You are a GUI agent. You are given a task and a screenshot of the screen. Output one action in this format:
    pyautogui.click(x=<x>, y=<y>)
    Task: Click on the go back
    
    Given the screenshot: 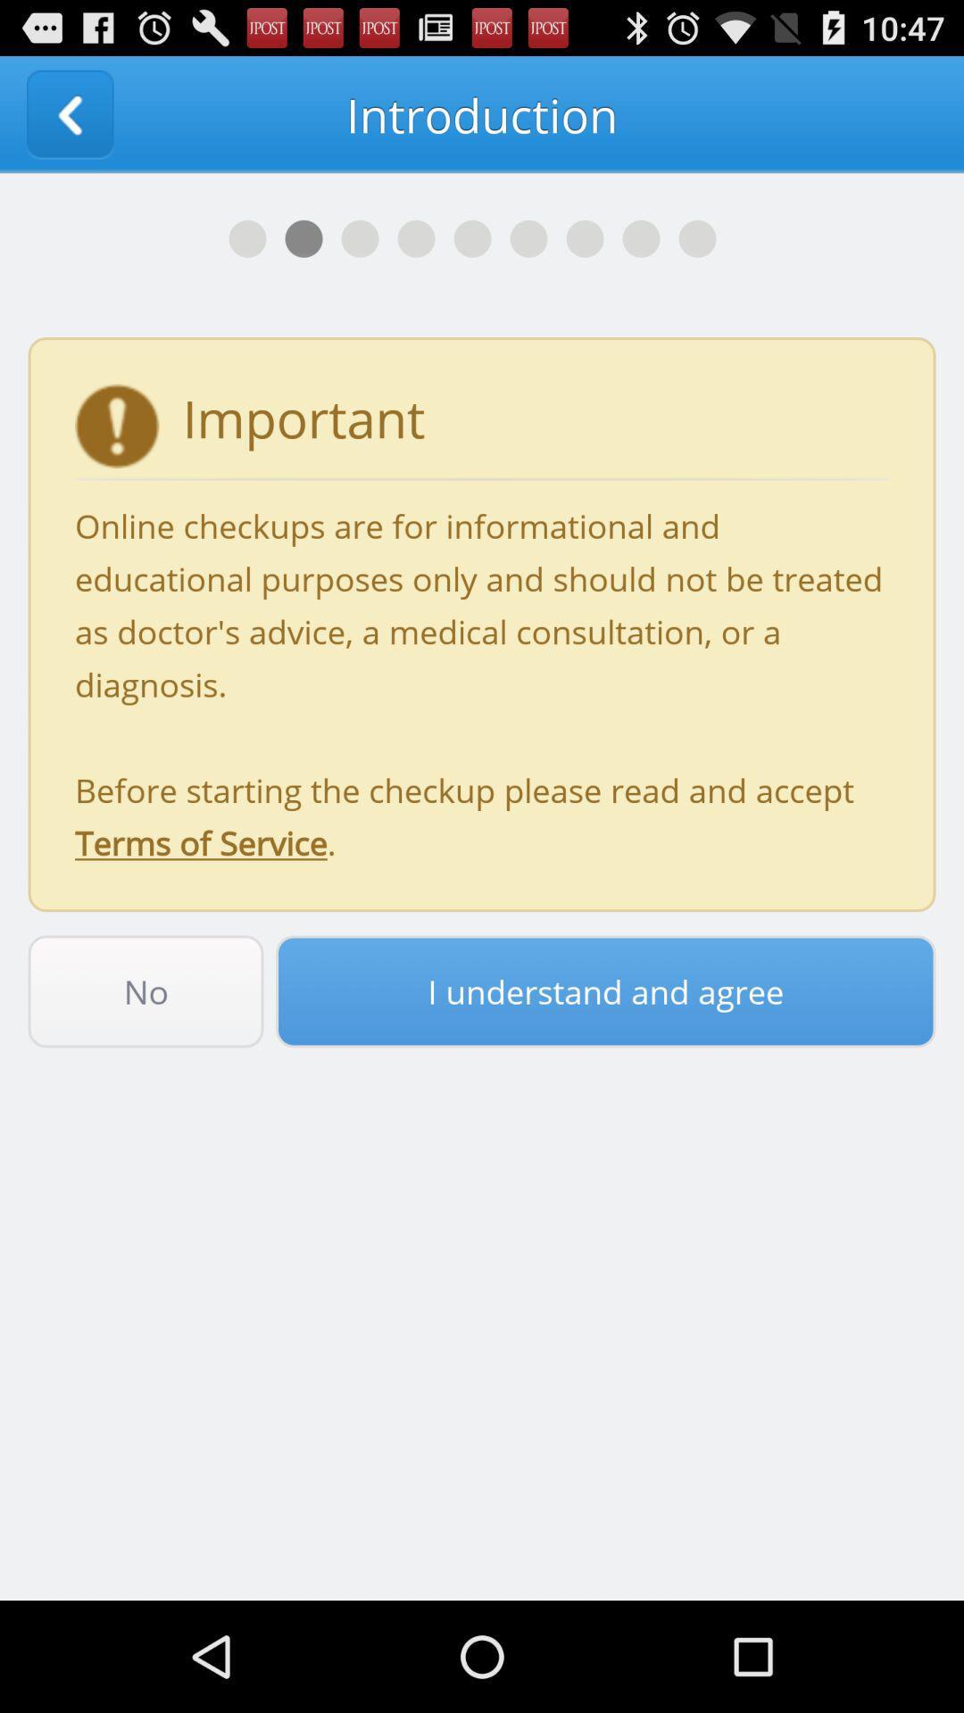 What is the action you would take?
    pyautogui.click(x=69, y=113)
    